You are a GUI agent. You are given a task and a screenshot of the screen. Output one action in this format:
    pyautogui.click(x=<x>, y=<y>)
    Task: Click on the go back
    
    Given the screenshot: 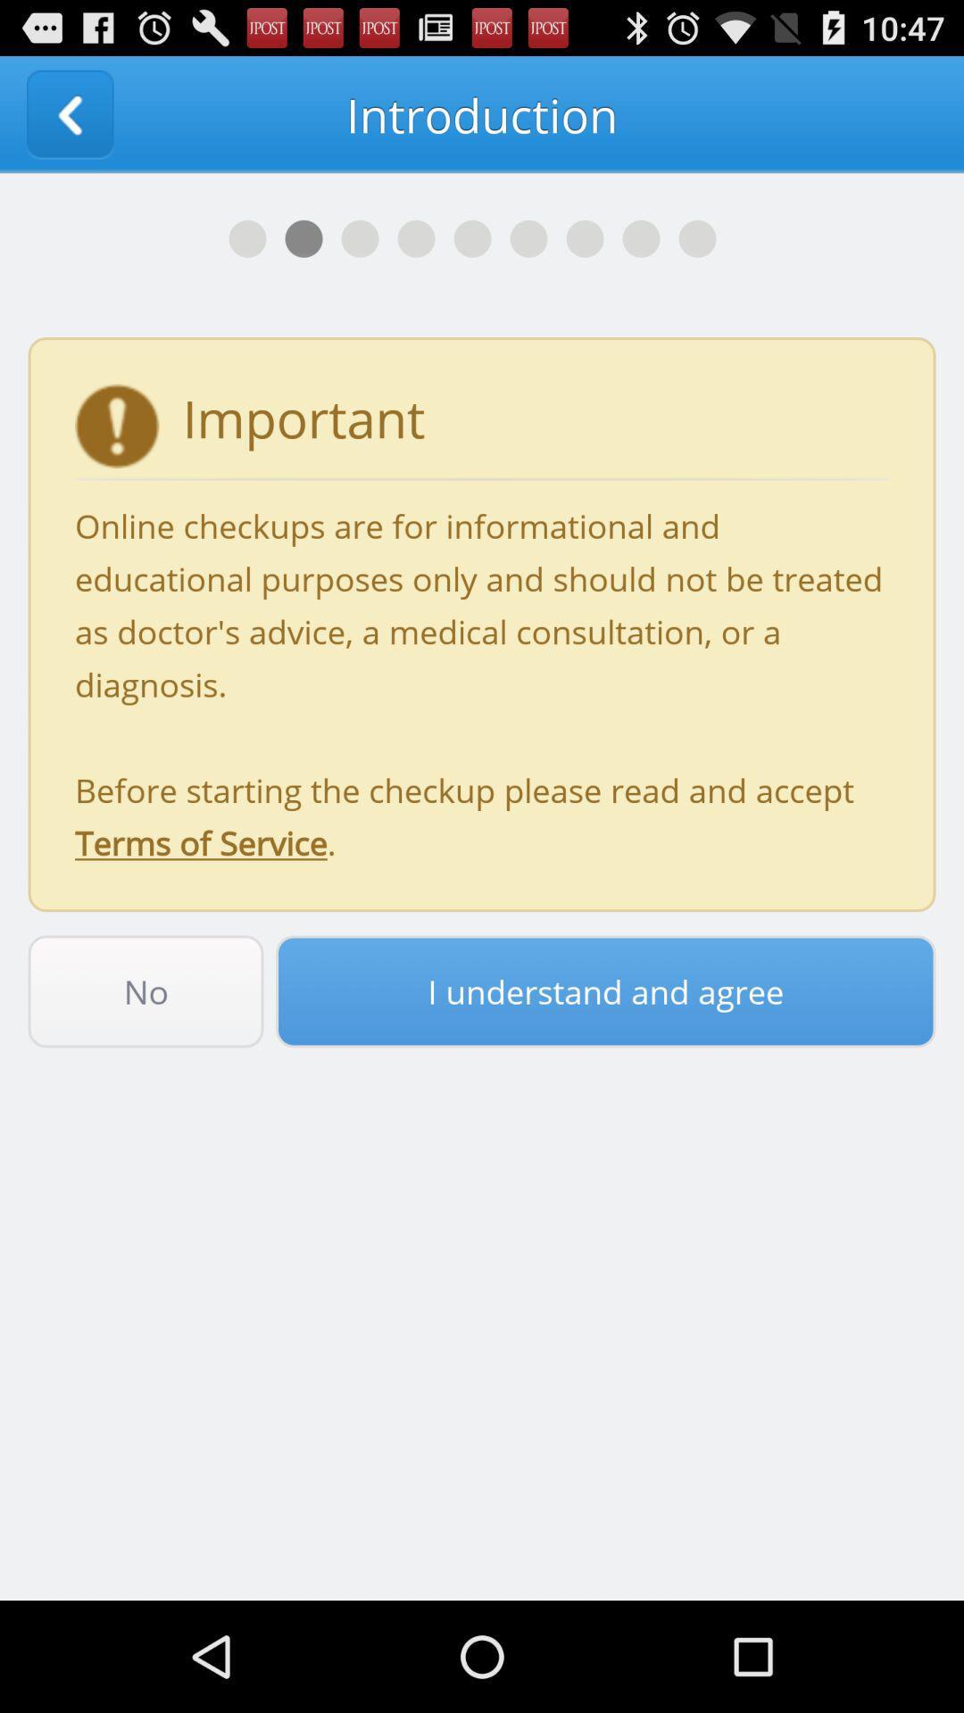 What is the action you would take?
    pyautogui.click(x=69, y=113)
    